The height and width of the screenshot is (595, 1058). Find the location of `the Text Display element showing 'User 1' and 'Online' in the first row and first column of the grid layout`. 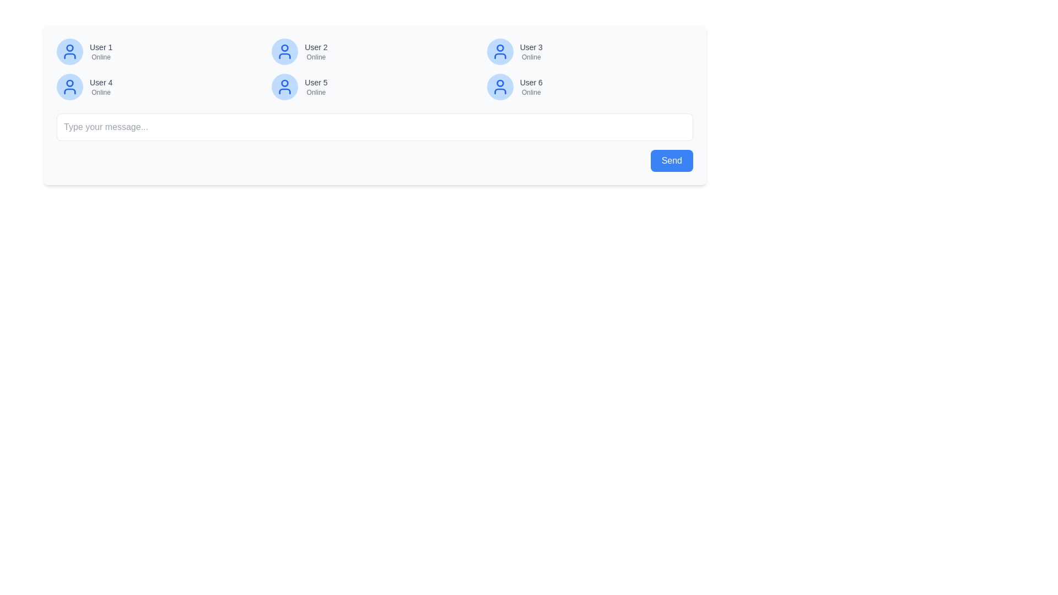

the Text Display element showing 'User 1' and 'Online' in the first row and first column of the grid layout is located at coordinates (101, 51).